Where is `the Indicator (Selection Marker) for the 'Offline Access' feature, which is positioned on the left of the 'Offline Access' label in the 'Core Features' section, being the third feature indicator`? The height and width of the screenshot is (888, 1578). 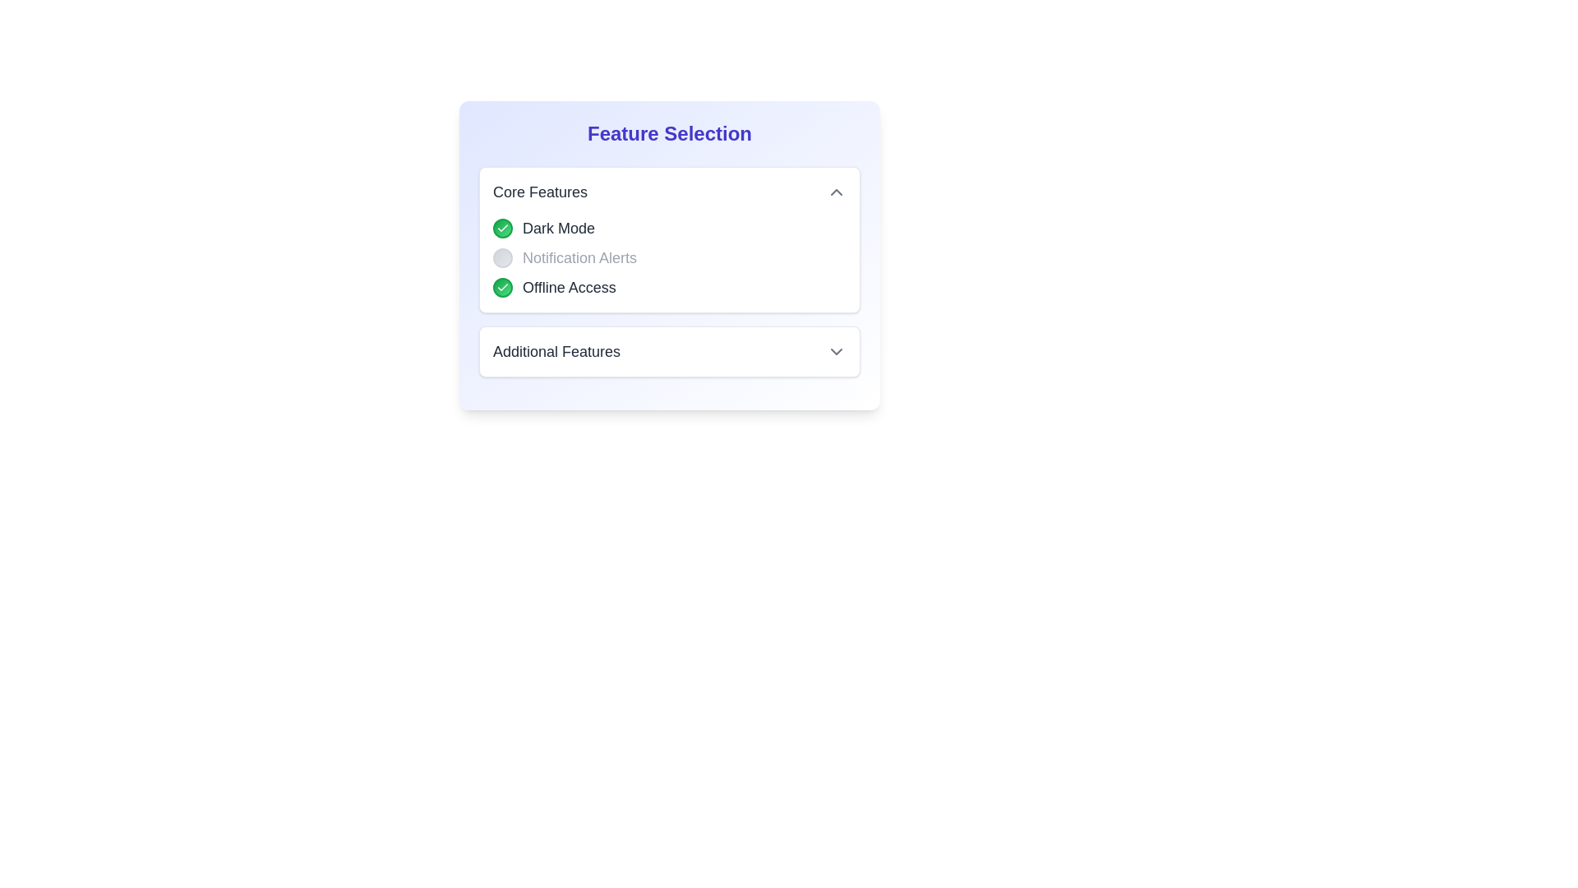 the Indicator (Selection Marker) for the 'Offline Access' feature, which is positioned on the left of the 'Offline Access' label in the 'Core Features' section, being the third feature indicator is located at coordinates (501, 287).